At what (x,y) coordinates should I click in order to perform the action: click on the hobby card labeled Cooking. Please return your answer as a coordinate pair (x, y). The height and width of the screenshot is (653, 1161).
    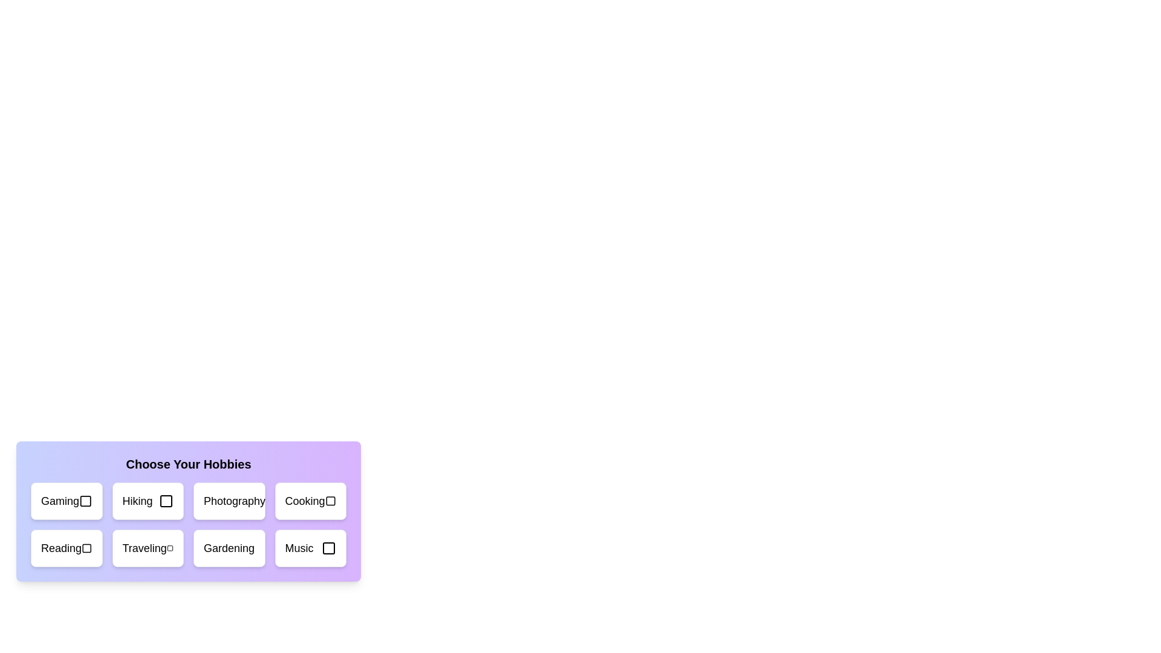
    Looking at the image, I should click on (310, 501).